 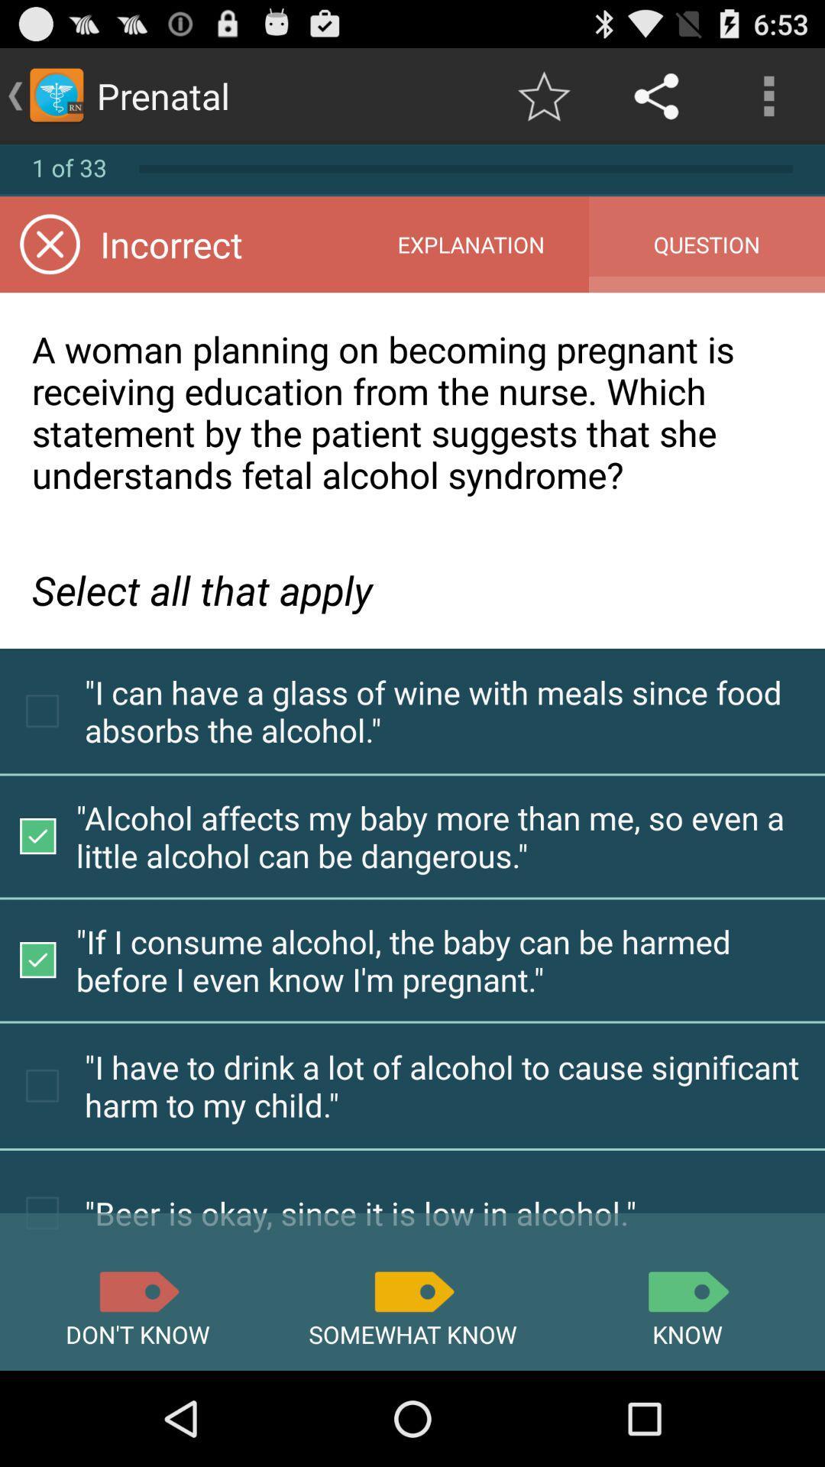 What do you see at coordinates (412, 1291) in the screenshot?
I see `somewhat know option` at bounding box center [412, 1291].